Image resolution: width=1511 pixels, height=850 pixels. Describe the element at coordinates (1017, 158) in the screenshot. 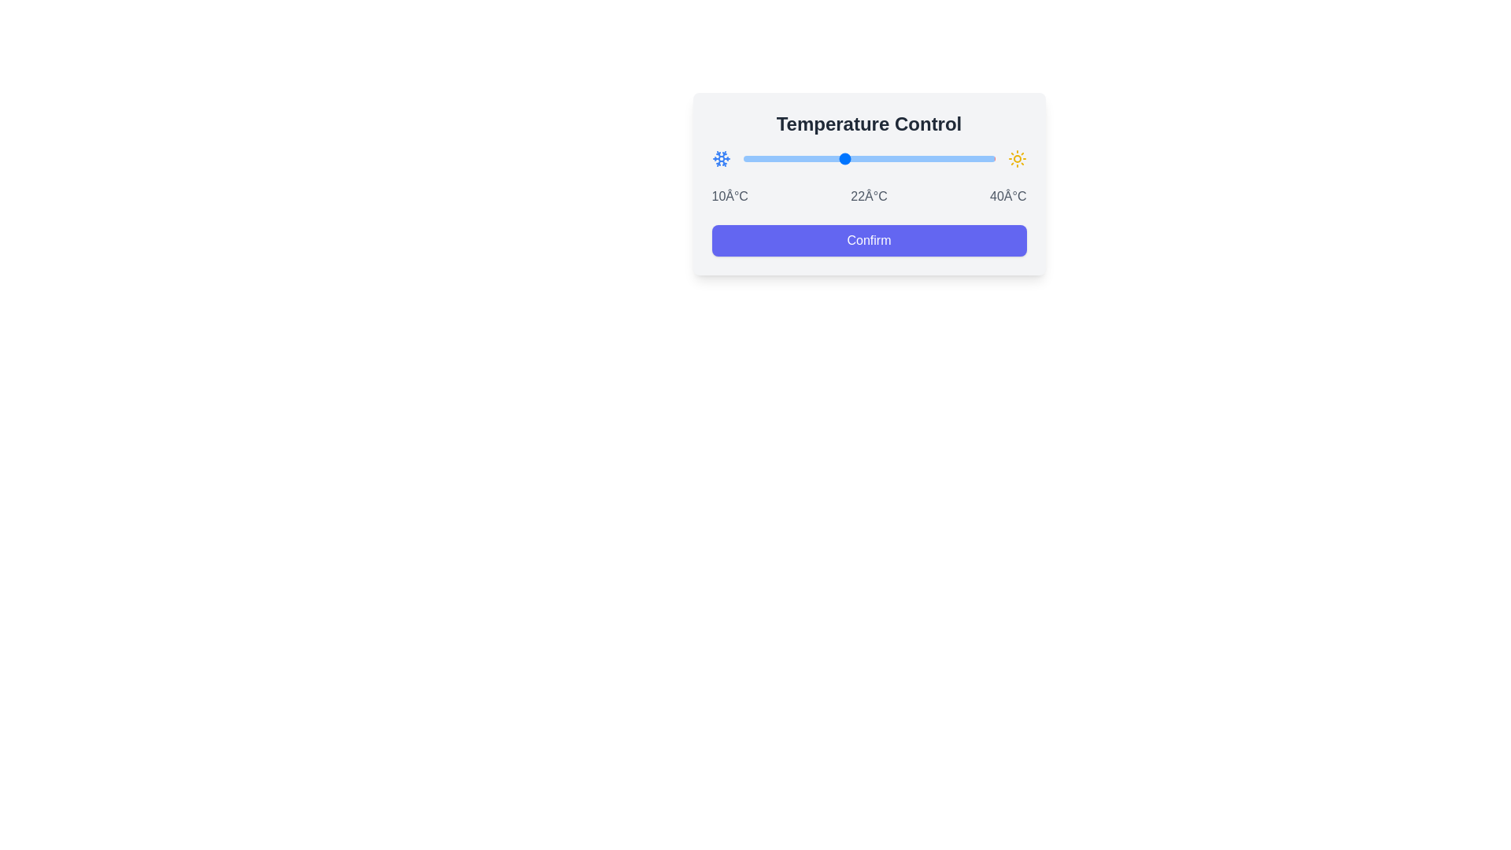

I see `the sun icon to observe visual feedback` at that location.